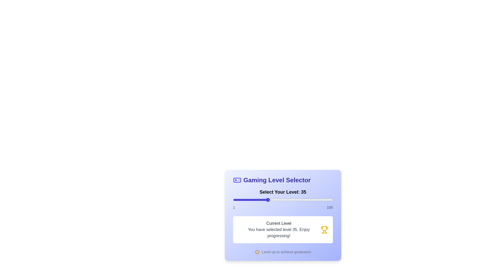  I want to click on the level, so click(239, 200).